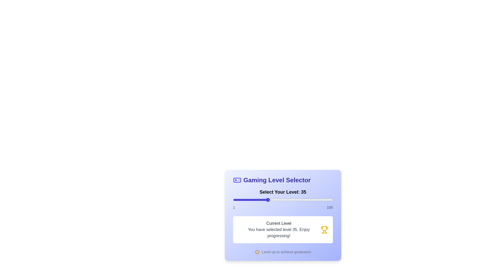  I want to click on the level, so click(239, 200).